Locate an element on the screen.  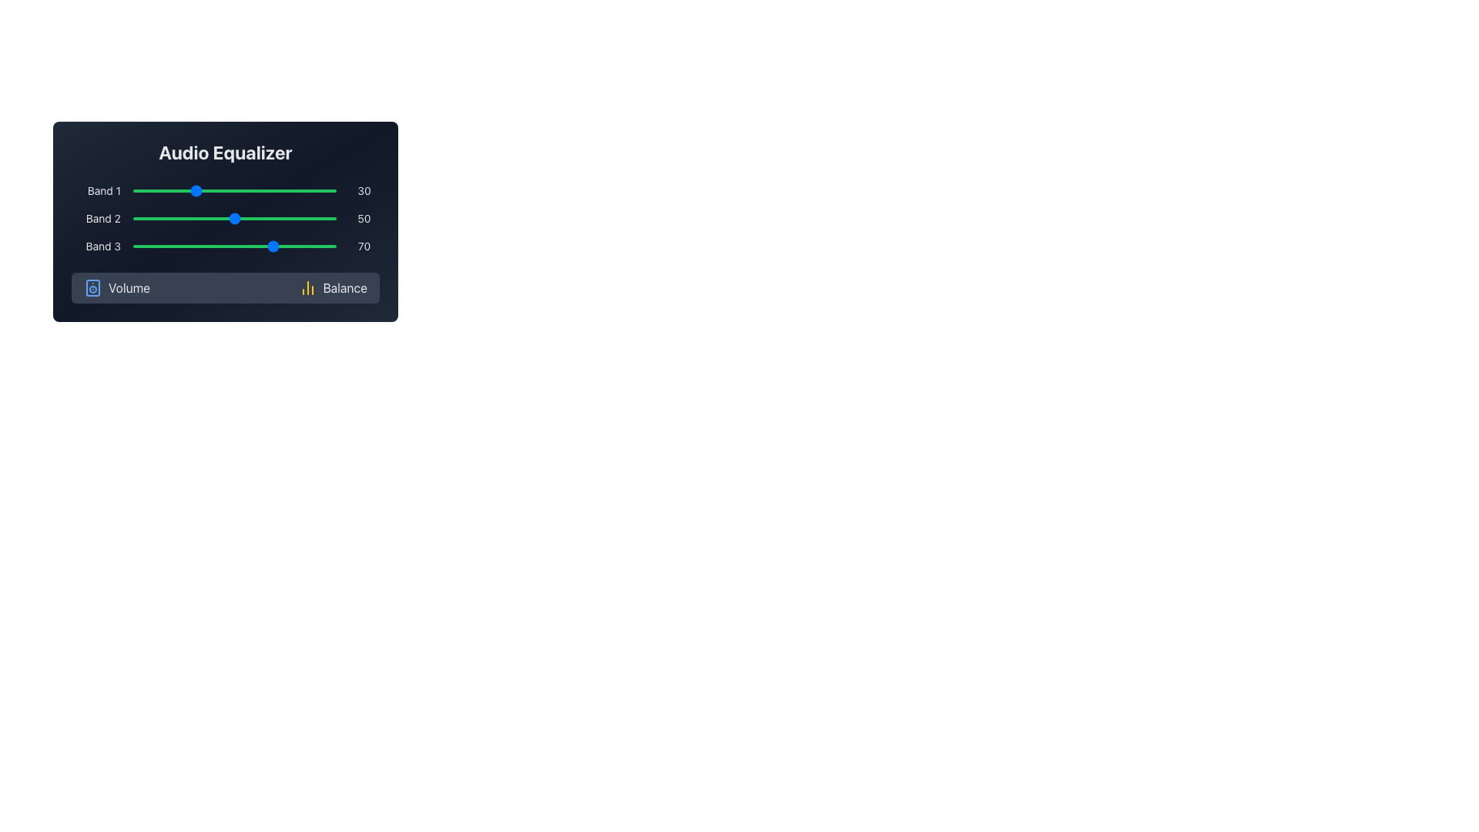
the volume icon which is a rectangular graphic with rounded corners located within the speaker icon, central to the speaker icon and below its upper decorative detail is located at coordinates (92, 288).